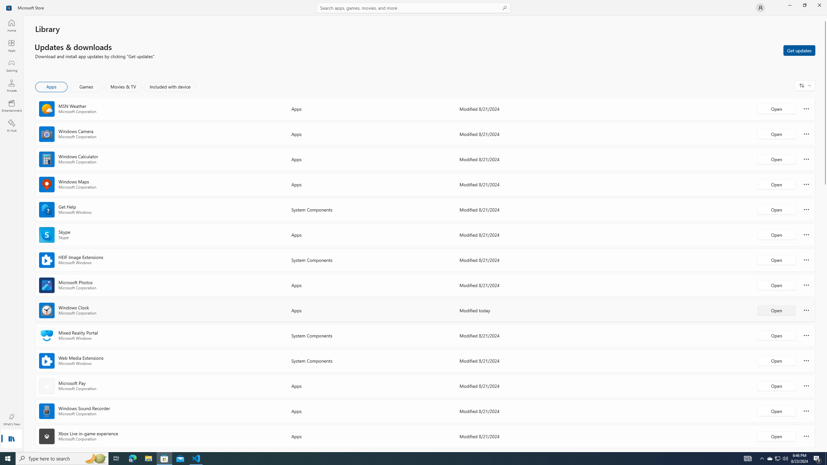 This screenshot has height=465, width=827. What do you see at coordinates (819, 5) in the screenshot?
I see `'Close Microsoft Store'` at bounding box center [819, 5].